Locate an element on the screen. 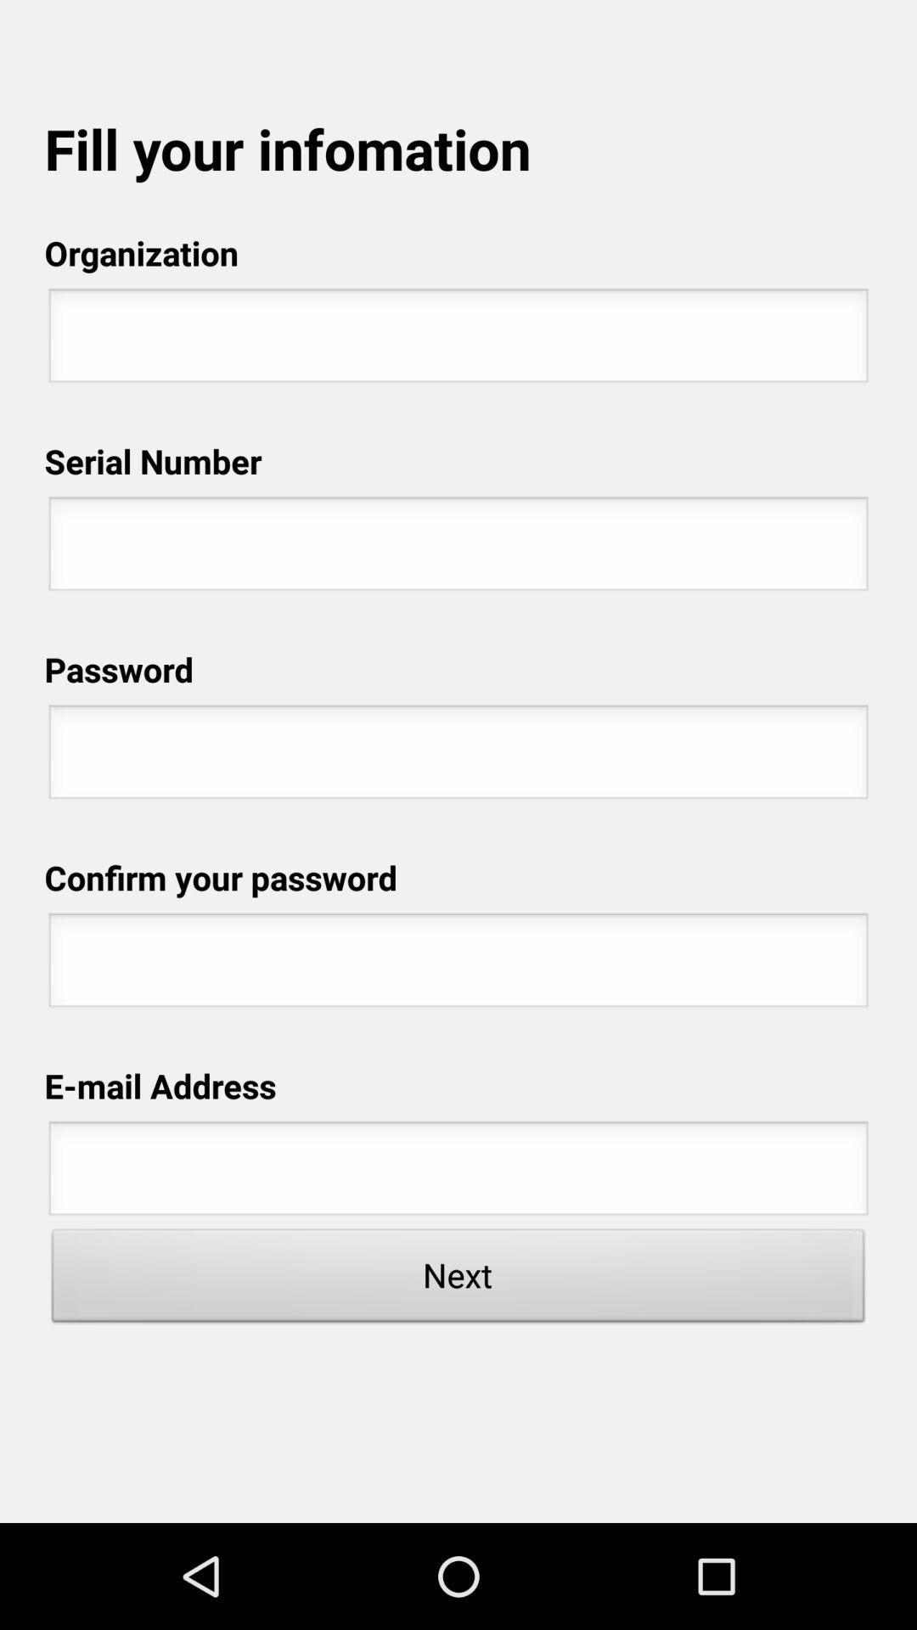 The image size is (917, 1630). type in password is located at coordinates (458, 965).